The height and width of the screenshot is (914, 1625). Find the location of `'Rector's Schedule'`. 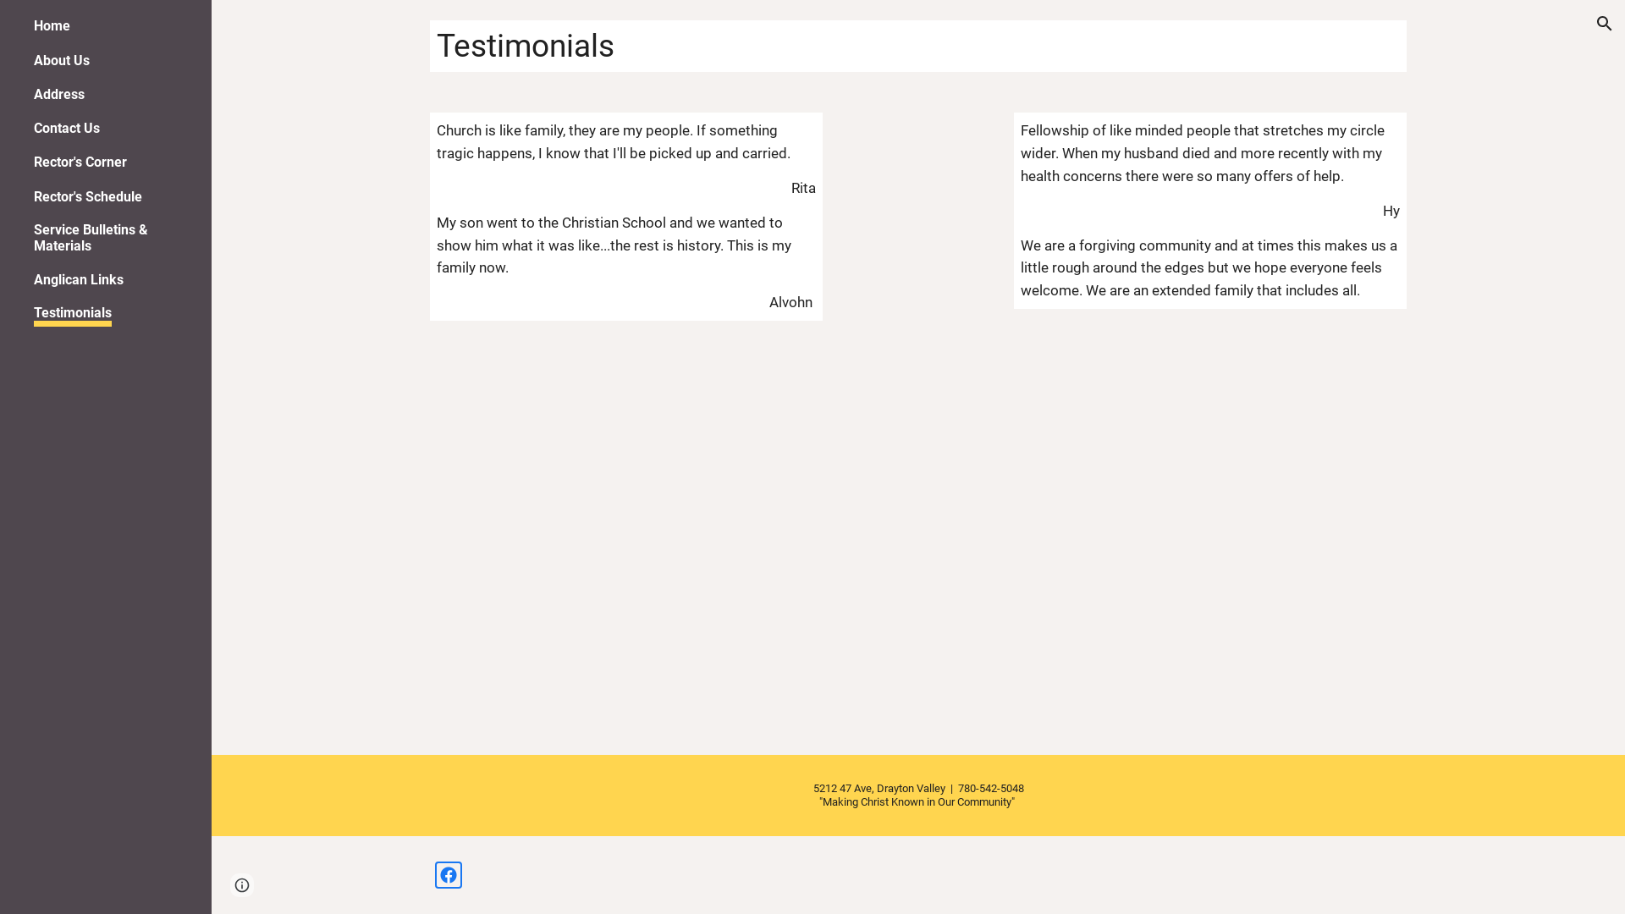

'Rector's Schedule' is located at coordinates (87, 195).